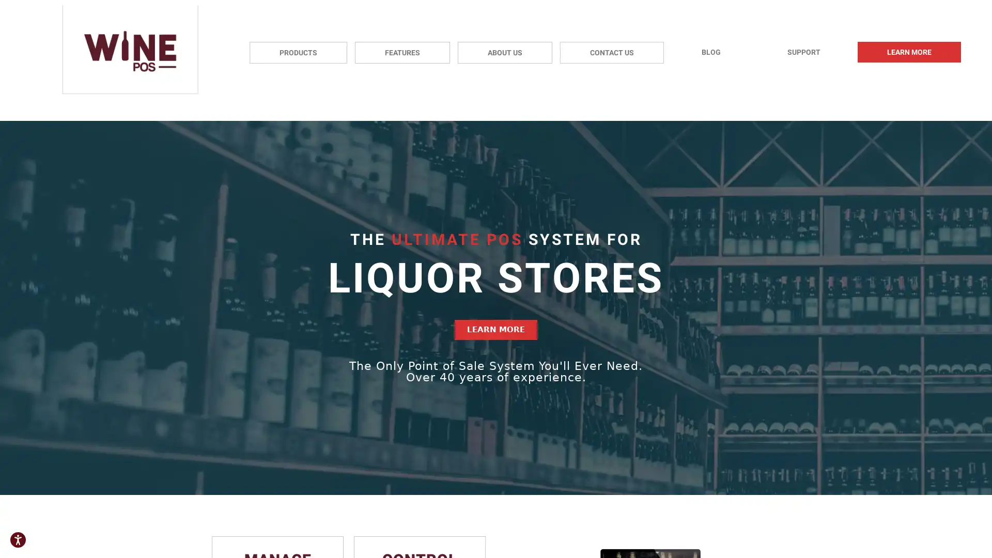 The image size is (992, 558). What do you see at coordinates (18, 539) in the screenshot?
I see `Open accessibility options, statement and help` at bounding box center [18, 539].